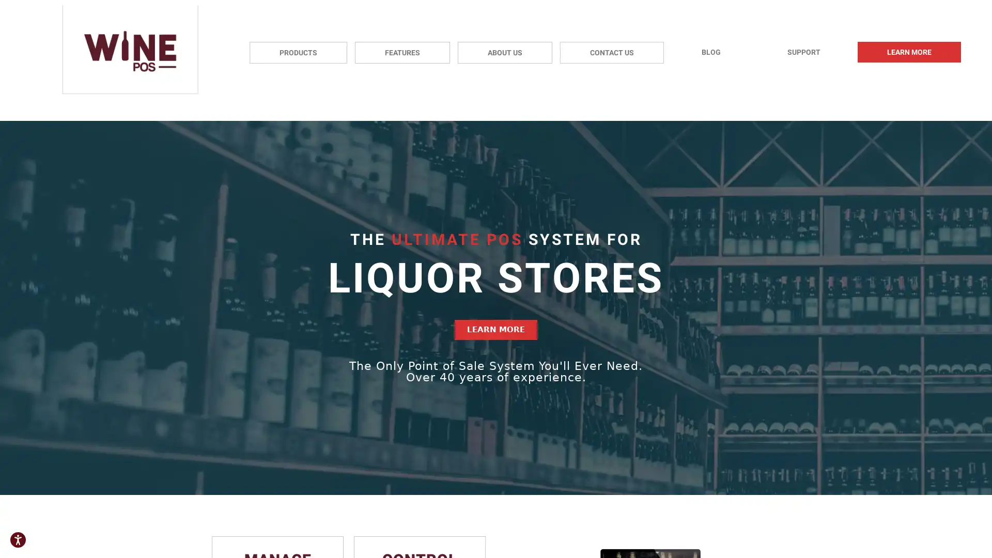 The image size is (992, 558). What do you see at coordinates (18, 539) in the screenshot?
I see `Open accessibility options, statement and help` at bounding box center [18, 539].